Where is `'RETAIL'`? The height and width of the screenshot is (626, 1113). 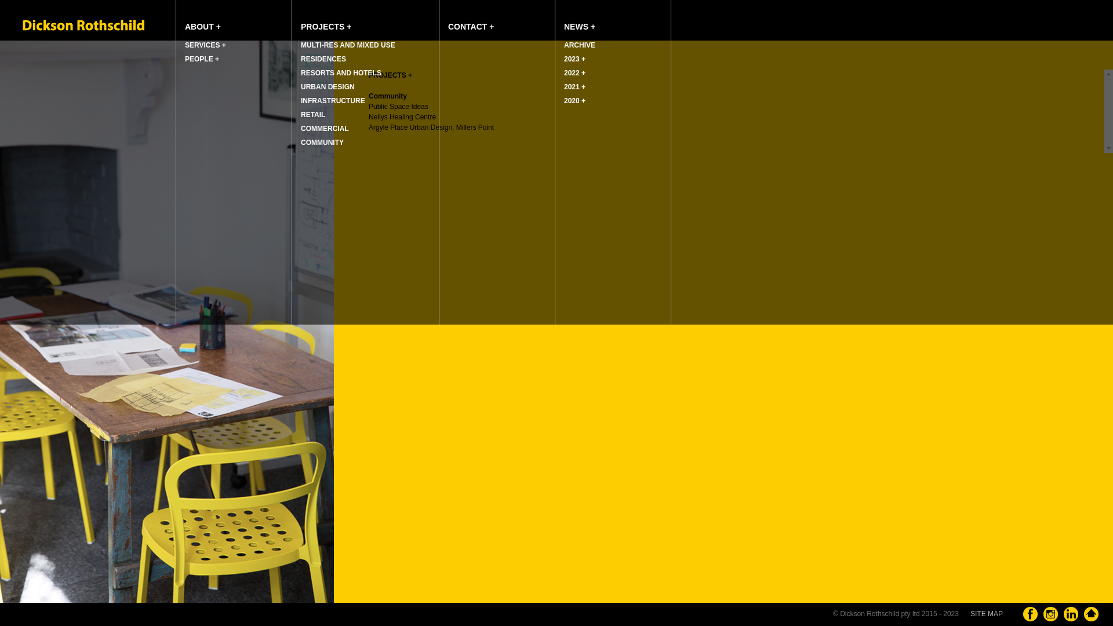 'RETAIL' is located at coordinates (365, 114).